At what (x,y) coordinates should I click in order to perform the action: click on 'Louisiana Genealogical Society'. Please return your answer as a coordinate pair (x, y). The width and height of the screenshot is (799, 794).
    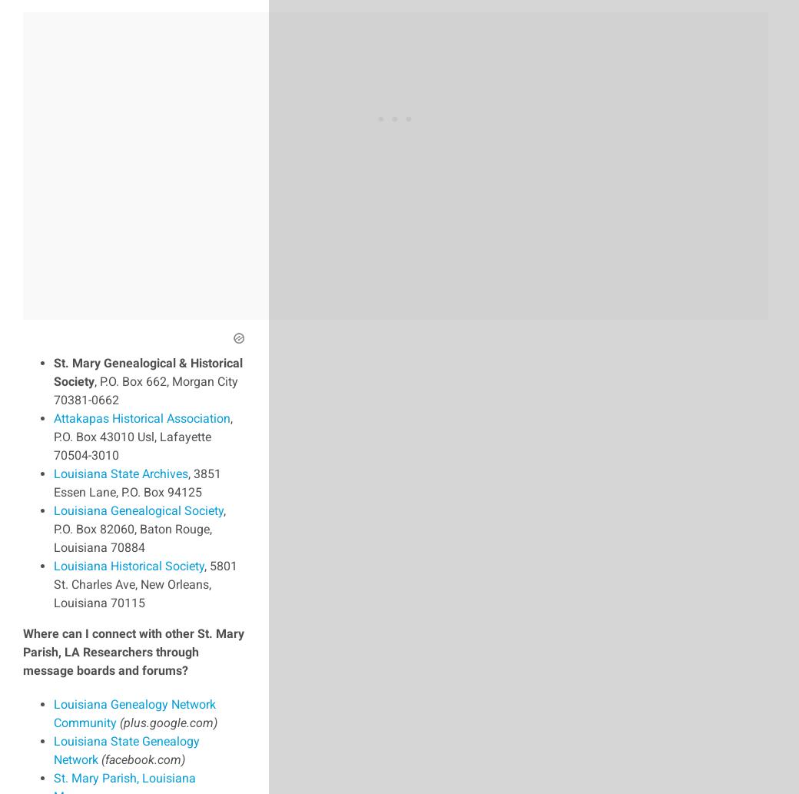
    Looking at the image, I should click on (138, 509).